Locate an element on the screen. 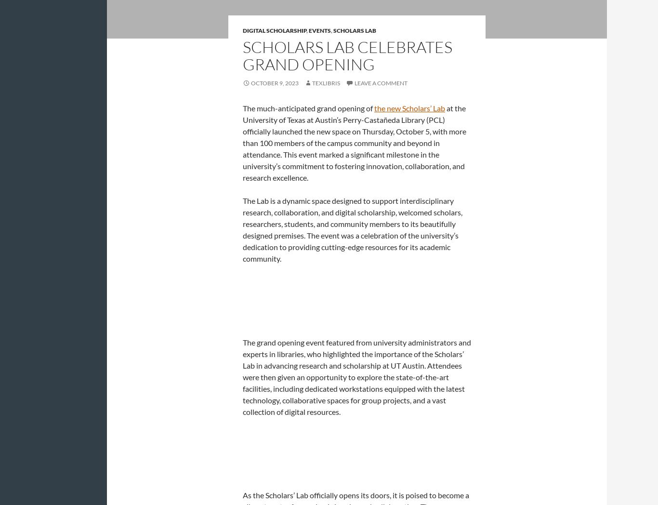 The image size is (658, 505). 'Digital Scholarship' is located at coordinates (274, 30).